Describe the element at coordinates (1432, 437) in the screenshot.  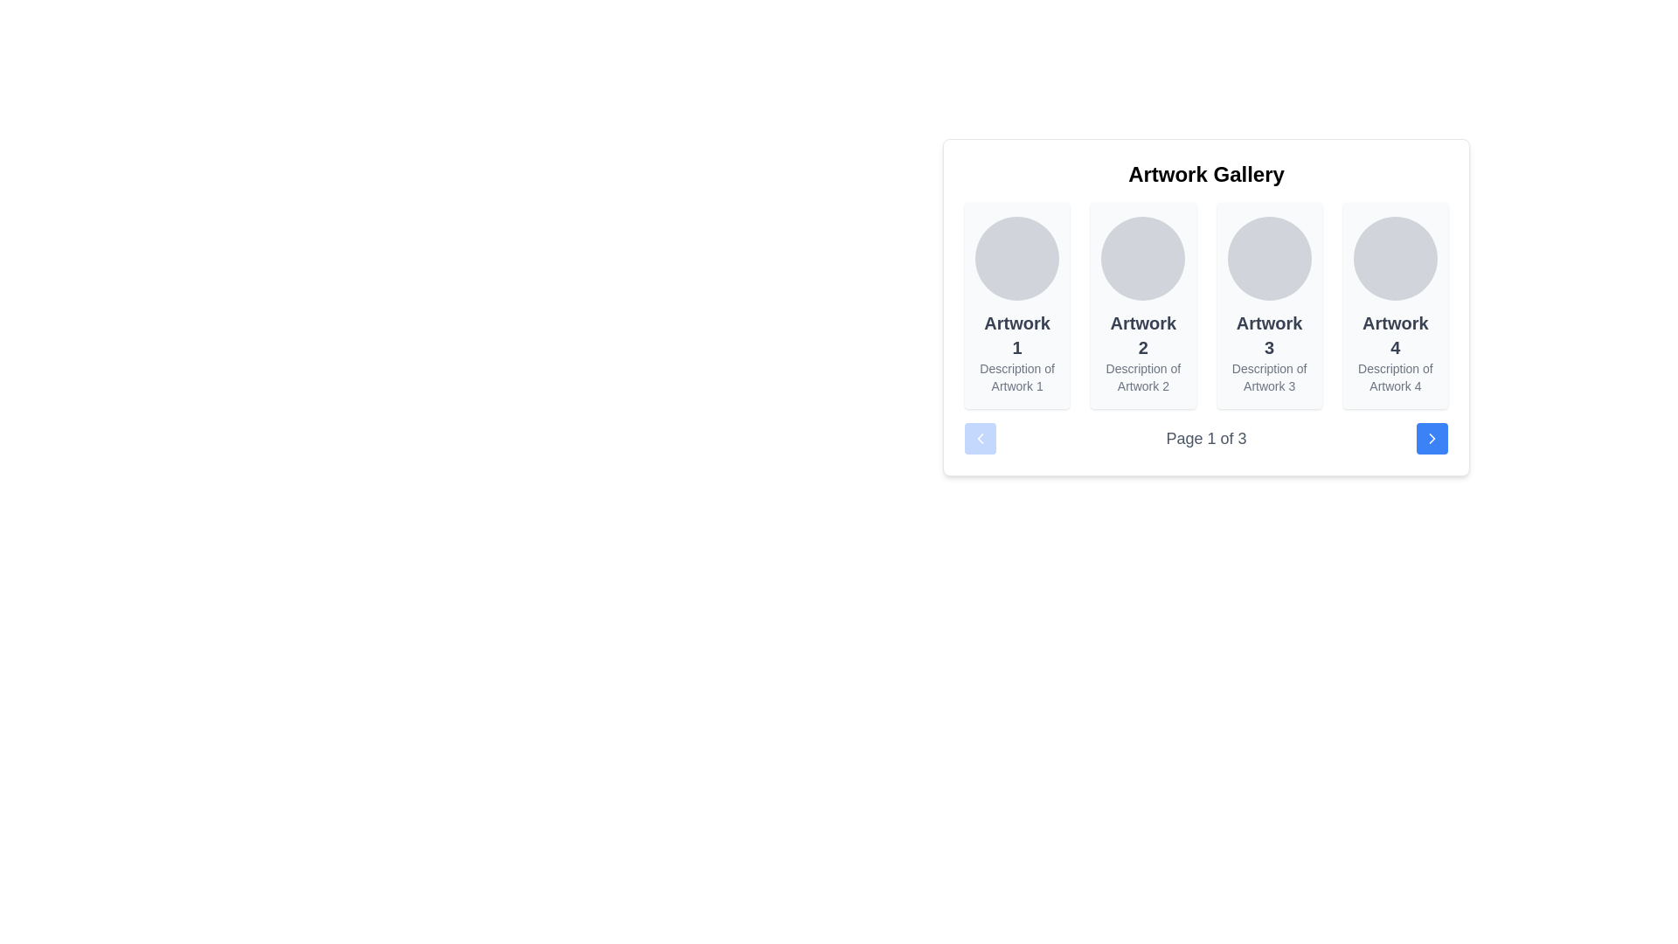
I see `the right-pointing chevron arrow icon within the blue circular button located at the bottom-right corner of the artwork gallery interface` at that location.